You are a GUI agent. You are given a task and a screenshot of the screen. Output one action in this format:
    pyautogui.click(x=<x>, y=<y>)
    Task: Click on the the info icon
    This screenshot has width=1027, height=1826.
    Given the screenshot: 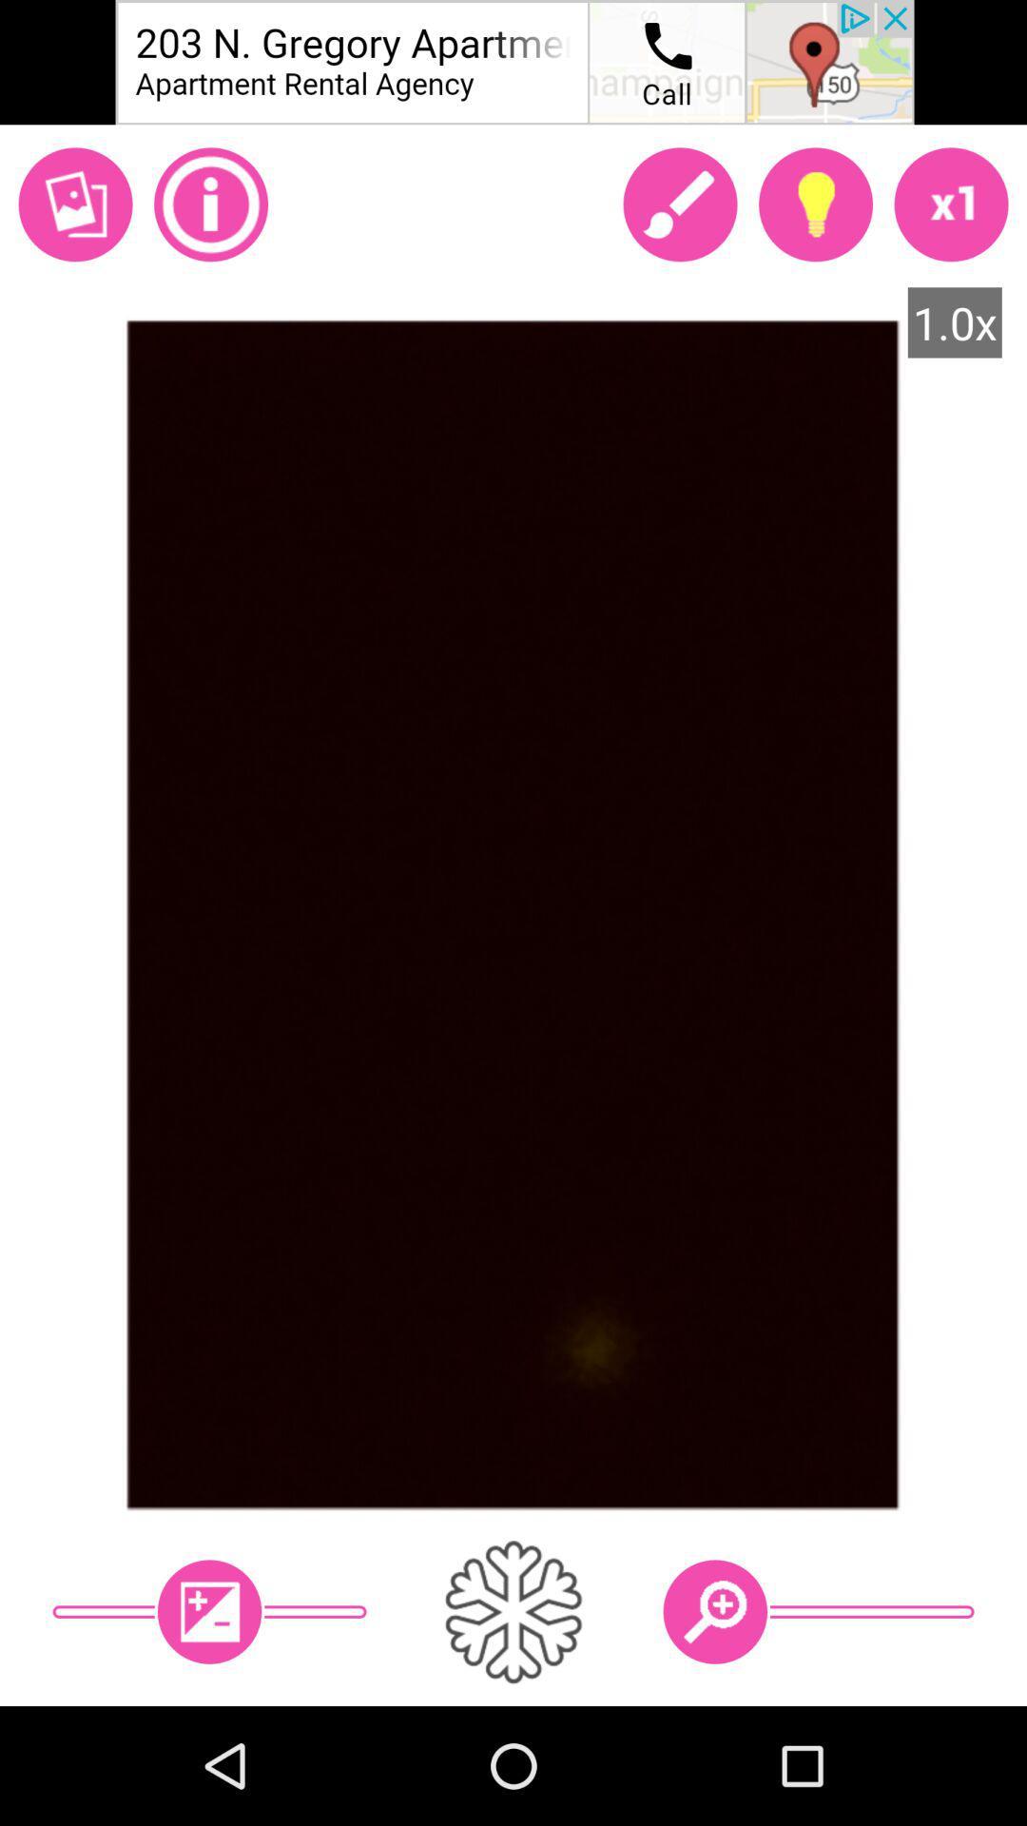 What is the action you would take?
    pyautogui.click(x=211, y=204)
    